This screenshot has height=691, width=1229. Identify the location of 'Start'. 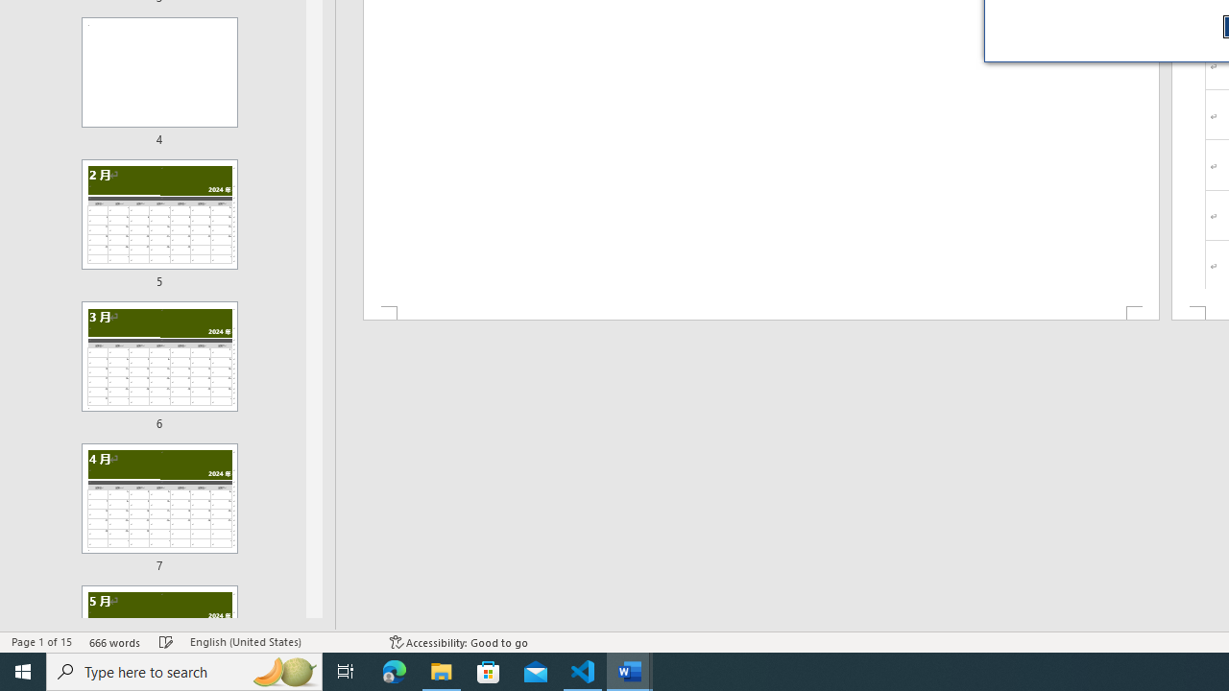
(23, 670).